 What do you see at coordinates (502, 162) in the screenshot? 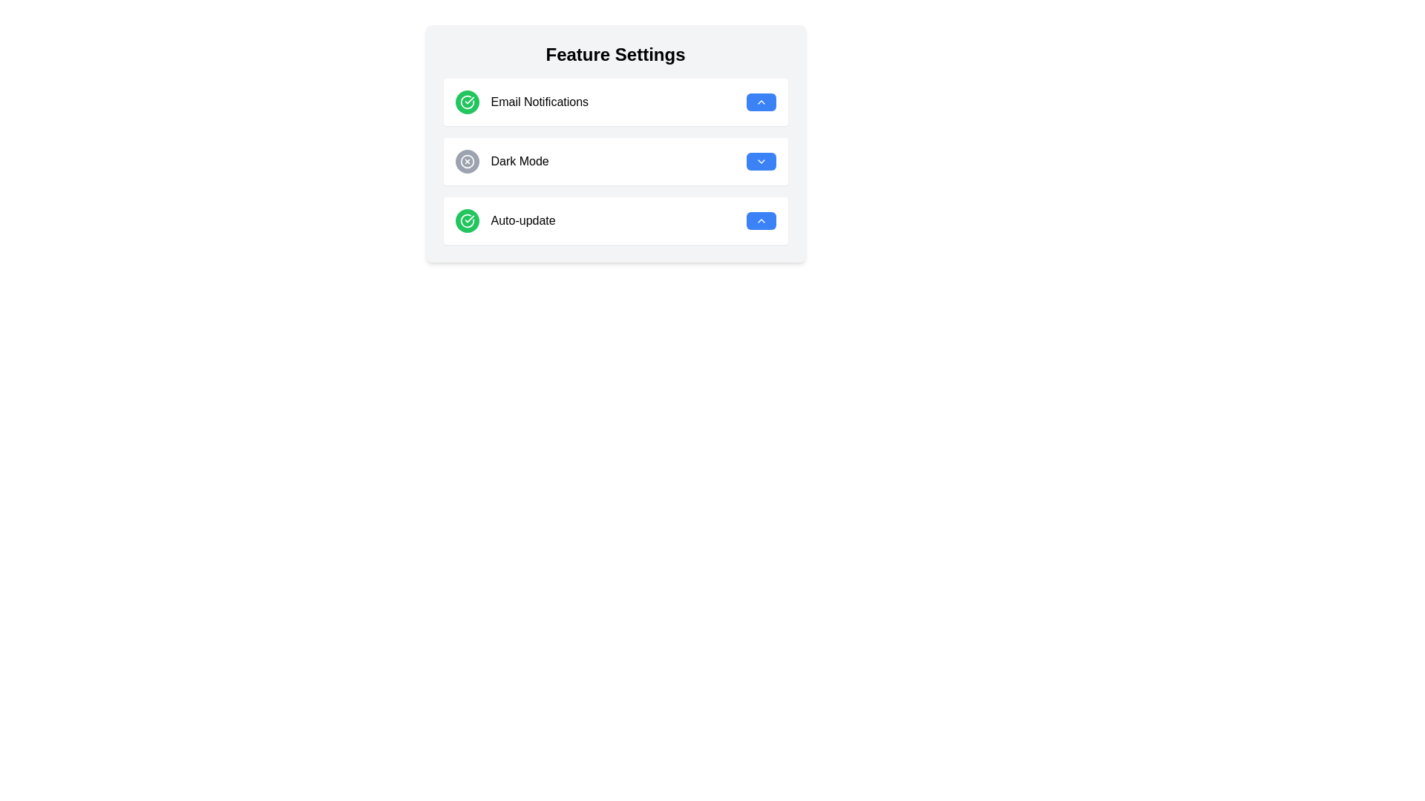
I see `the 'Dark Mode' text label that is part of the feature settings list, positioned between 'Email Notifications' and 'Auto-update'` at bounding box center [502, 162].